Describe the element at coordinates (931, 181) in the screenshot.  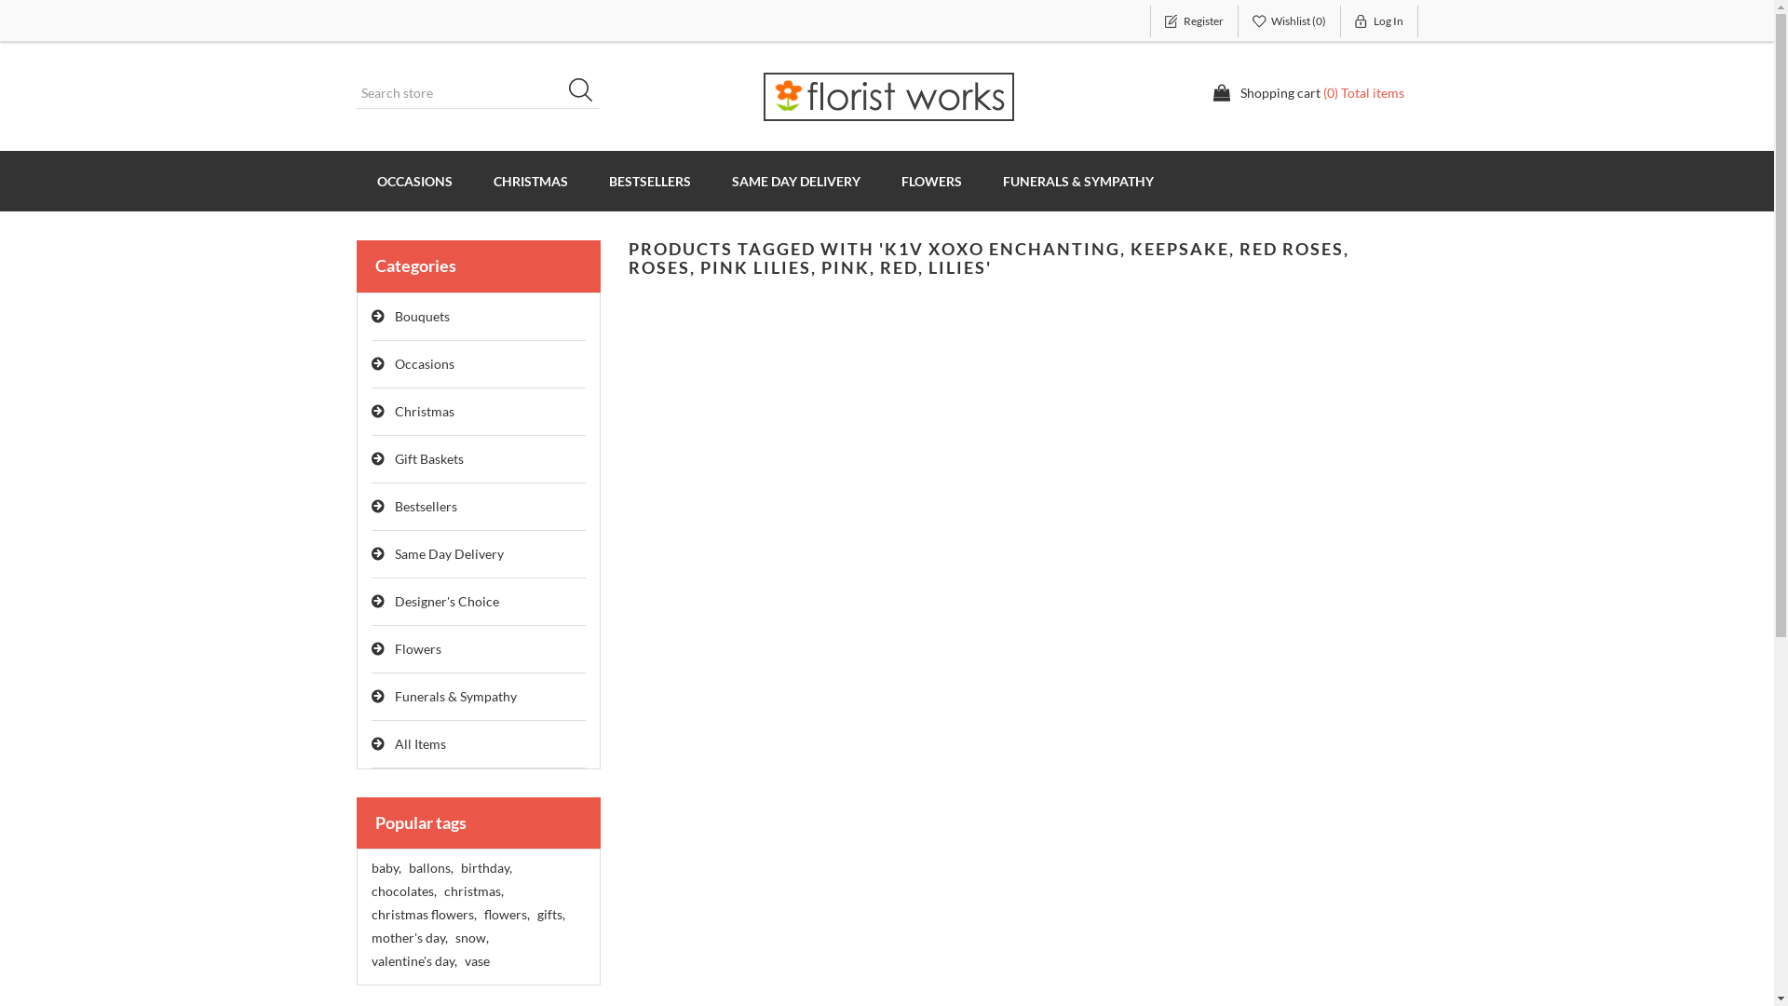
I see `'FLOWERS'` at that location.